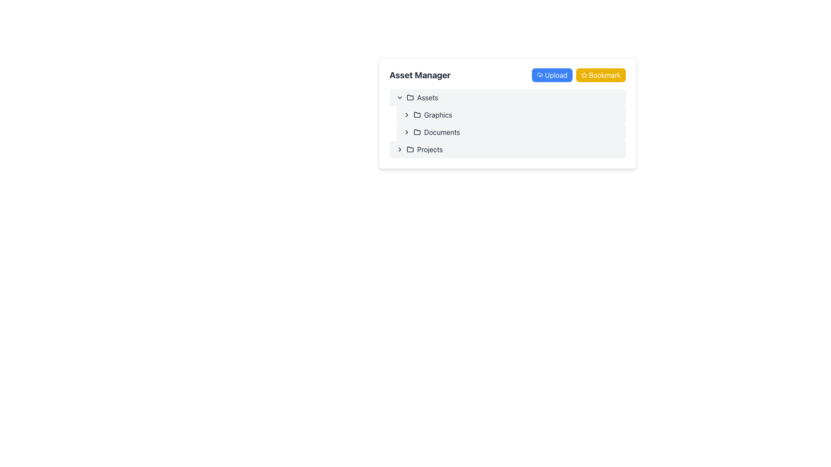 This screenshot has height=467, width=831. I want to click on the text label representing the name of a folder or category within the asset manager interface, so click(438, 115).